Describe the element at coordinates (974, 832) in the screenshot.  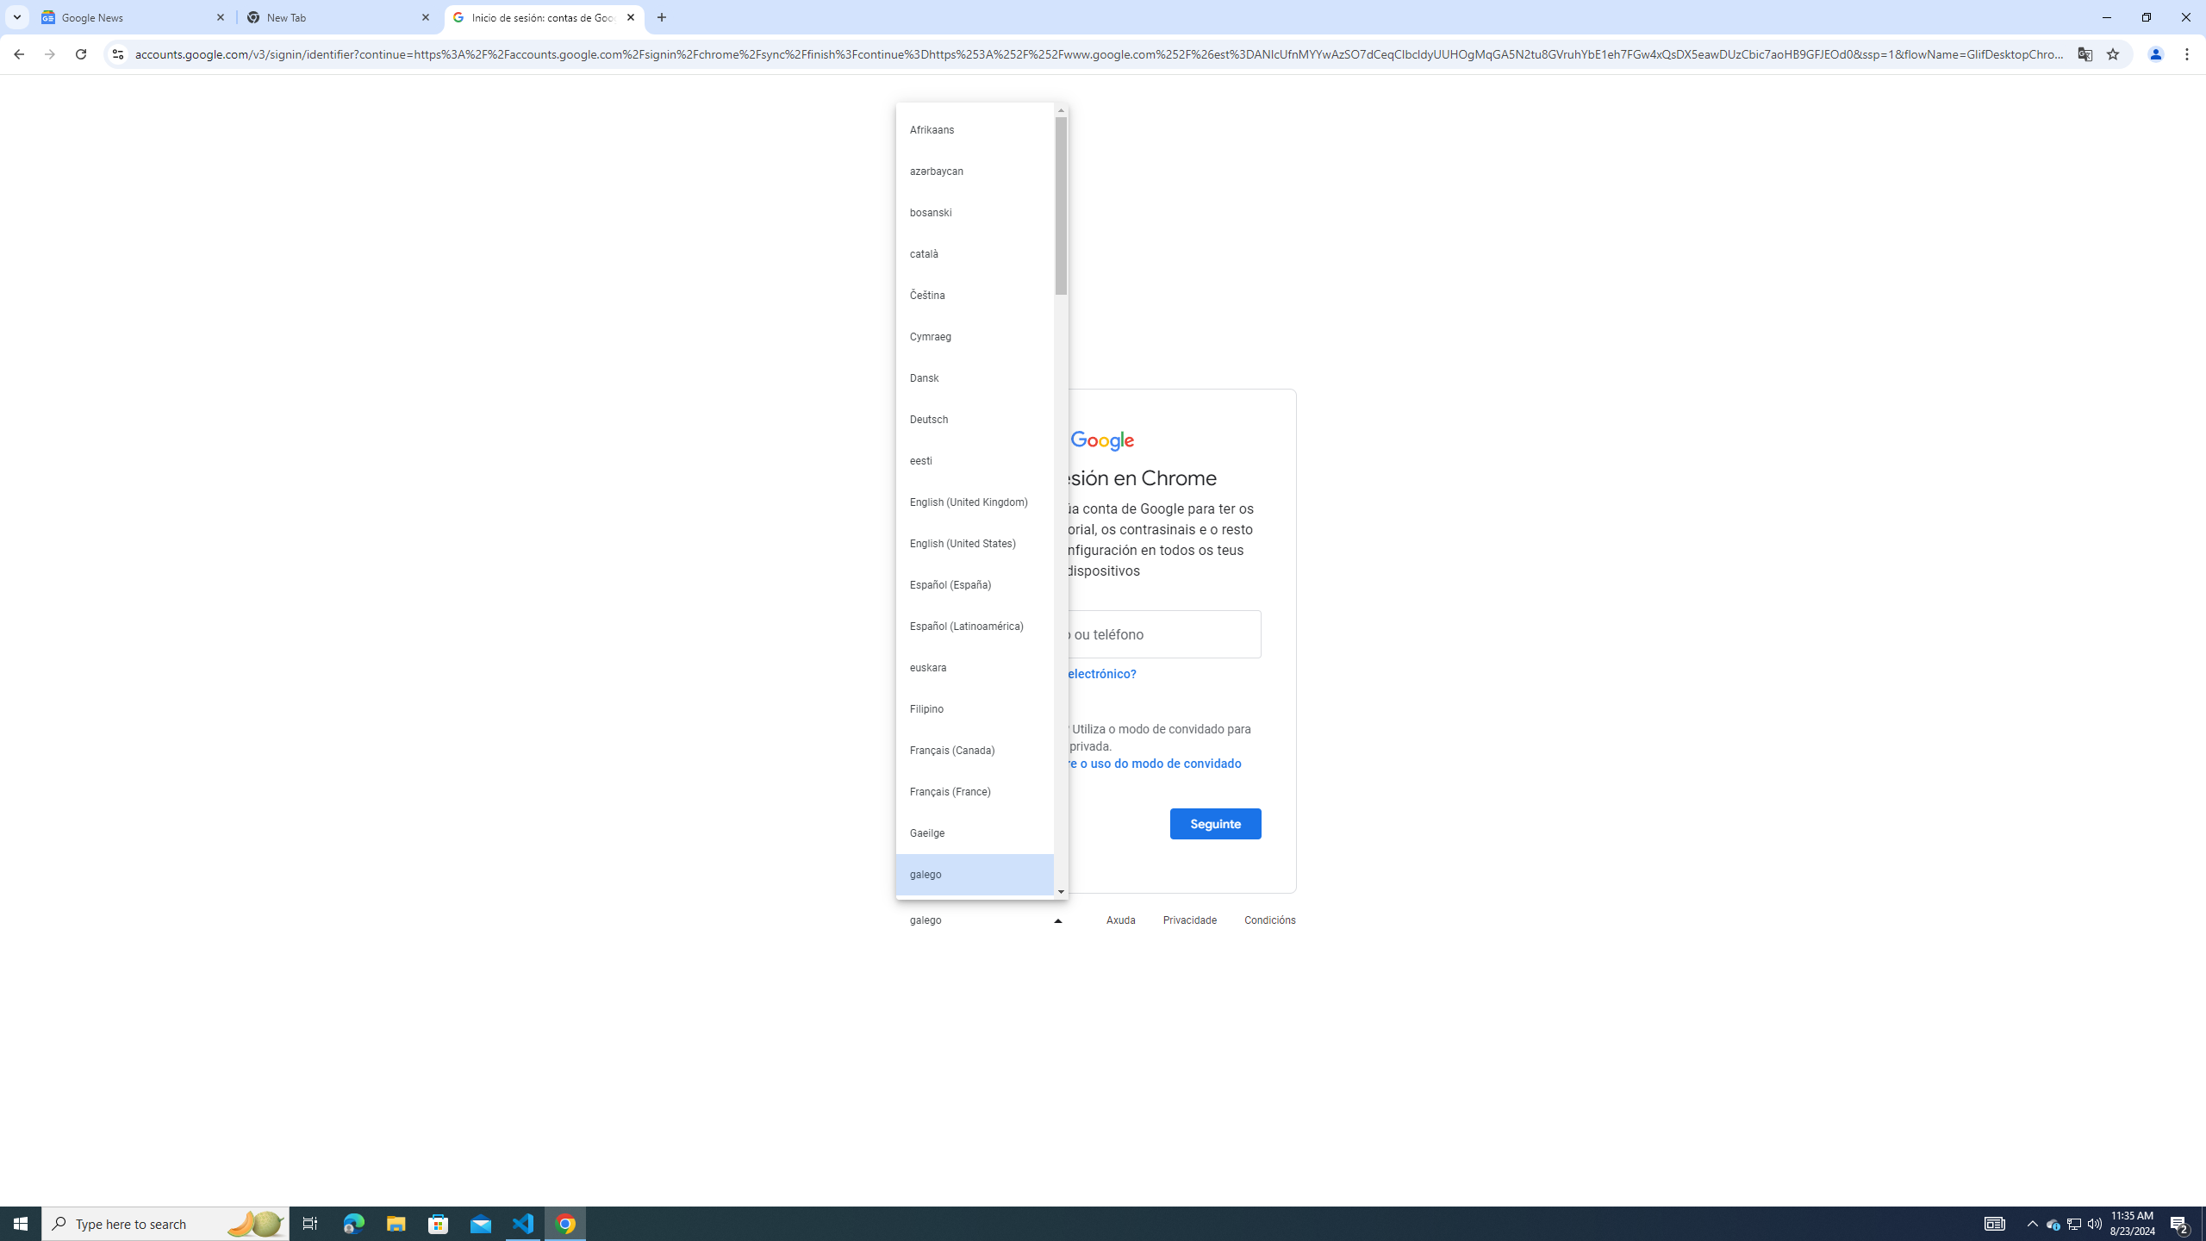
I see `'Gaeilge'` at that location.